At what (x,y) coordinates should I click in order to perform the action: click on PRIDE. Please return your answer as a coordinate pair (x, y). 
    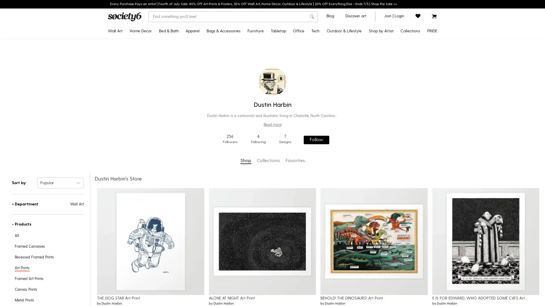
    Looking at the image, I should click on (432, 31).